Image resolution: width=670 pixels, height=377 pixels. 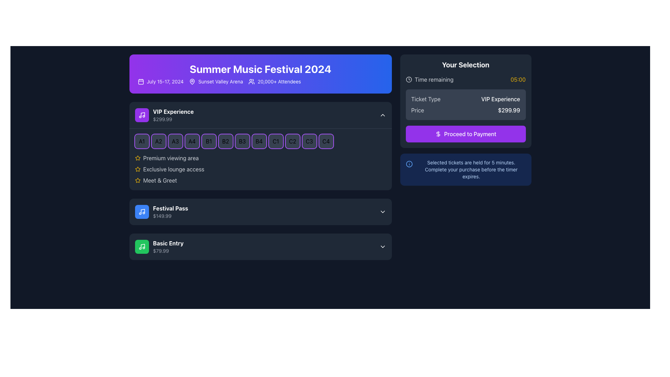 I want to click on the decorative square with rounded corners that serves as the backdrop for the calendar icon, located near the upper-left corner of the layout beneath the purple header bar, so click(x=140, y=81).